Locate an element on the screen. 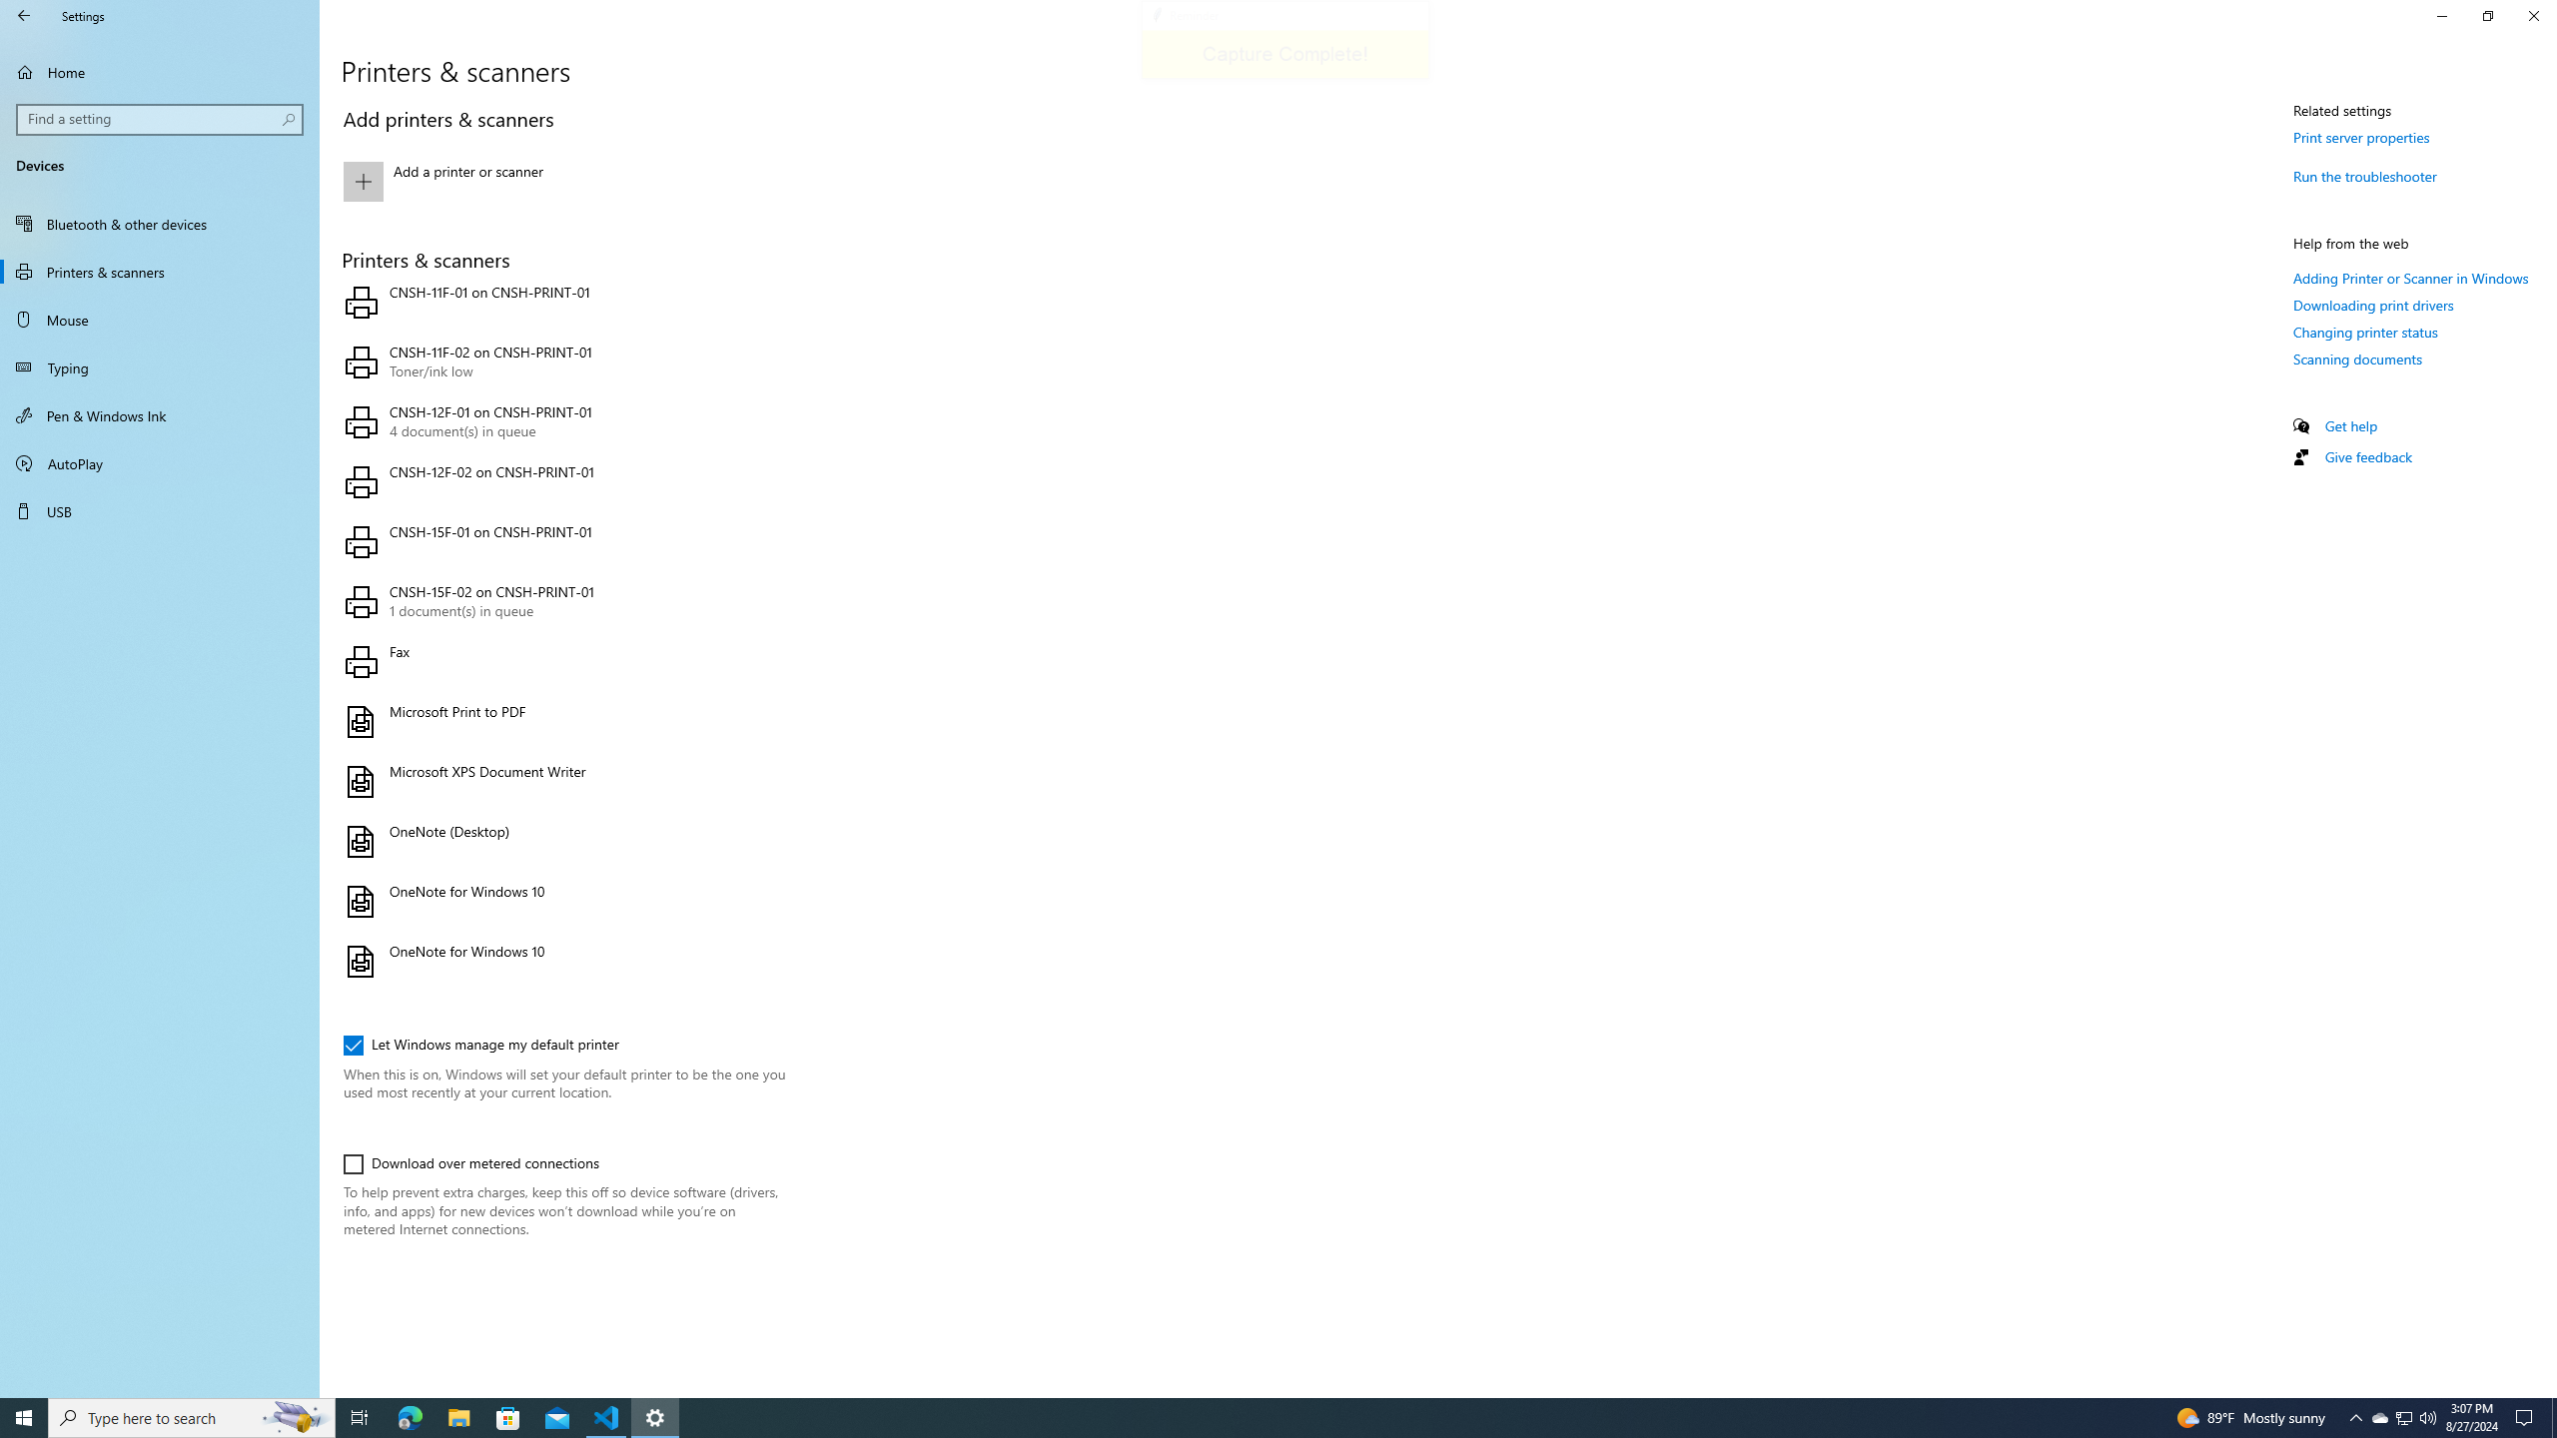  'Run the troubleshooter' is located at coordinates (2365, 176).